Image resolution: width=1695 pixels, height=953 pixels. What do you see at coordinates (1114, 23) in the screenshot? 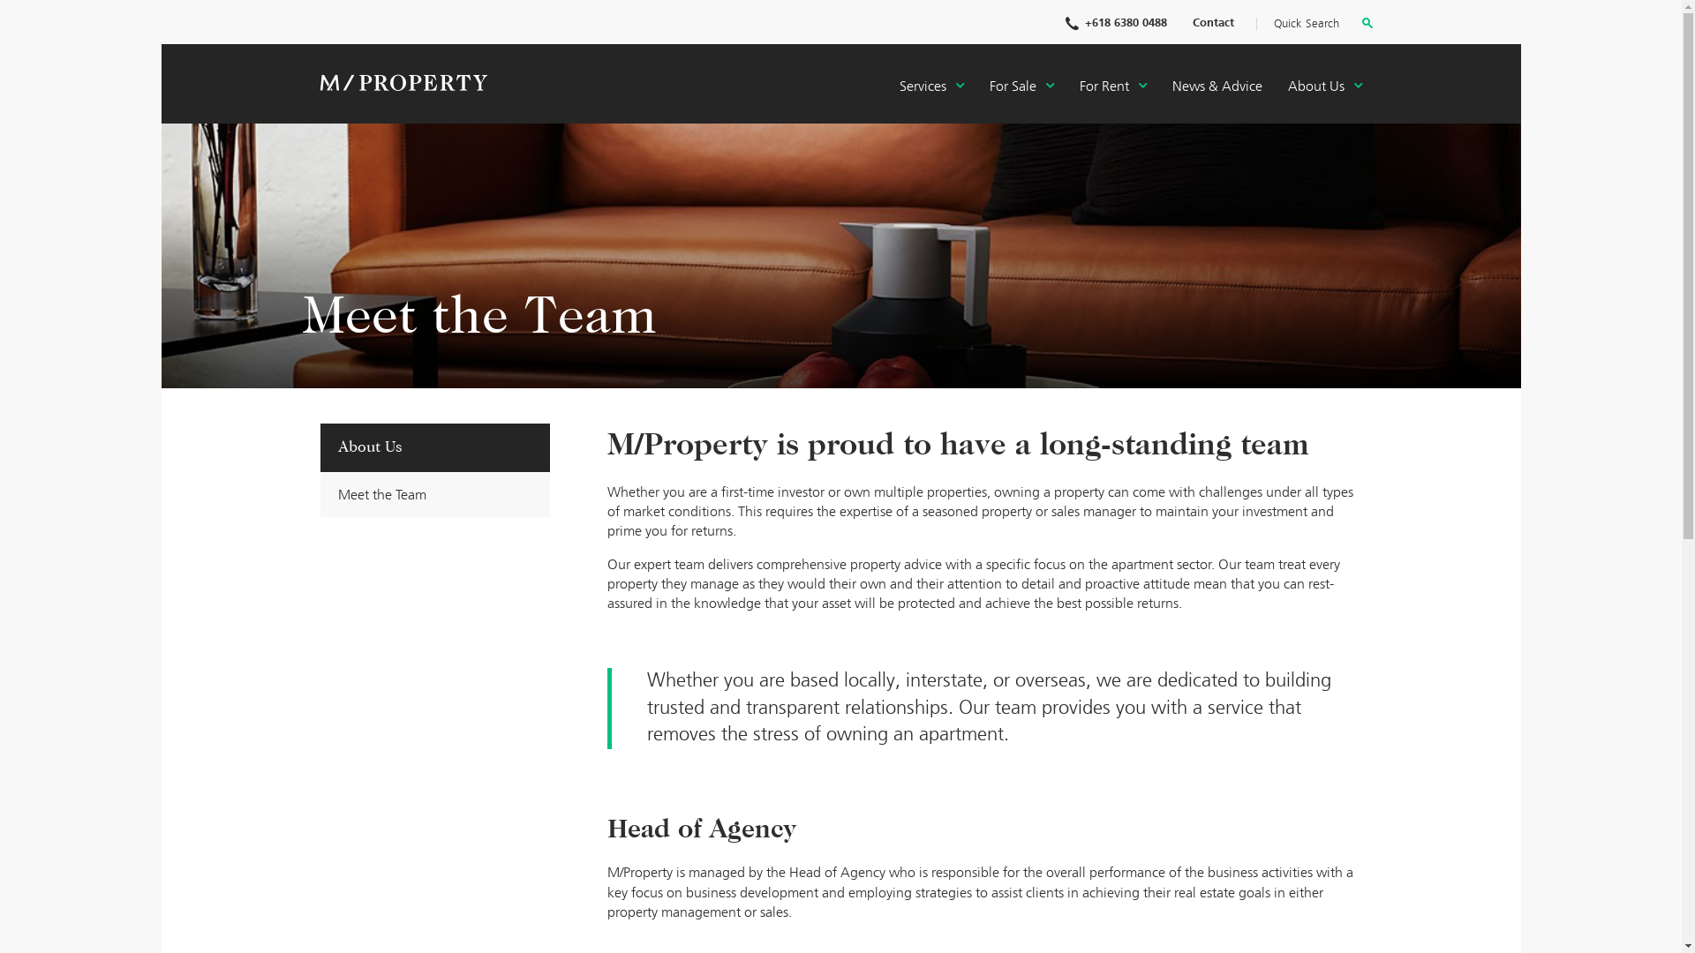
I see `'+618 6380 0488'` at bounding box center [1114, 23].